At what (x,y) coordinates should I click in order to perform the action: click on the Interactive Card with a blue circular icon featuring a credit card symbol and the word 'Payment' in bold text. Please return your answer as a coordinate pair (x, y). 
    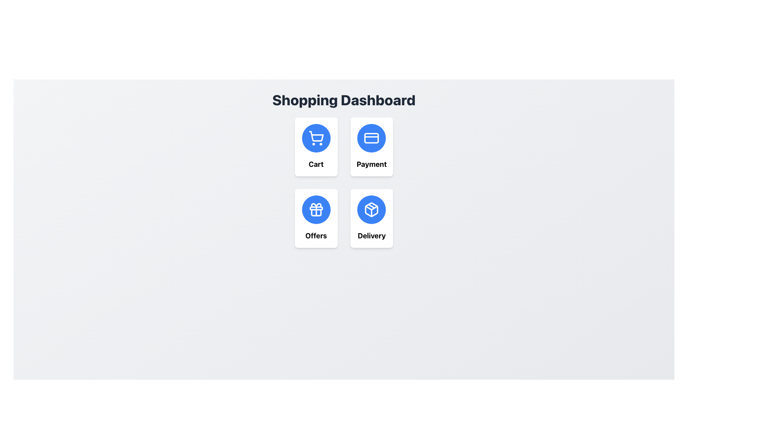
    Looking at the image, I should click on (371, 147).